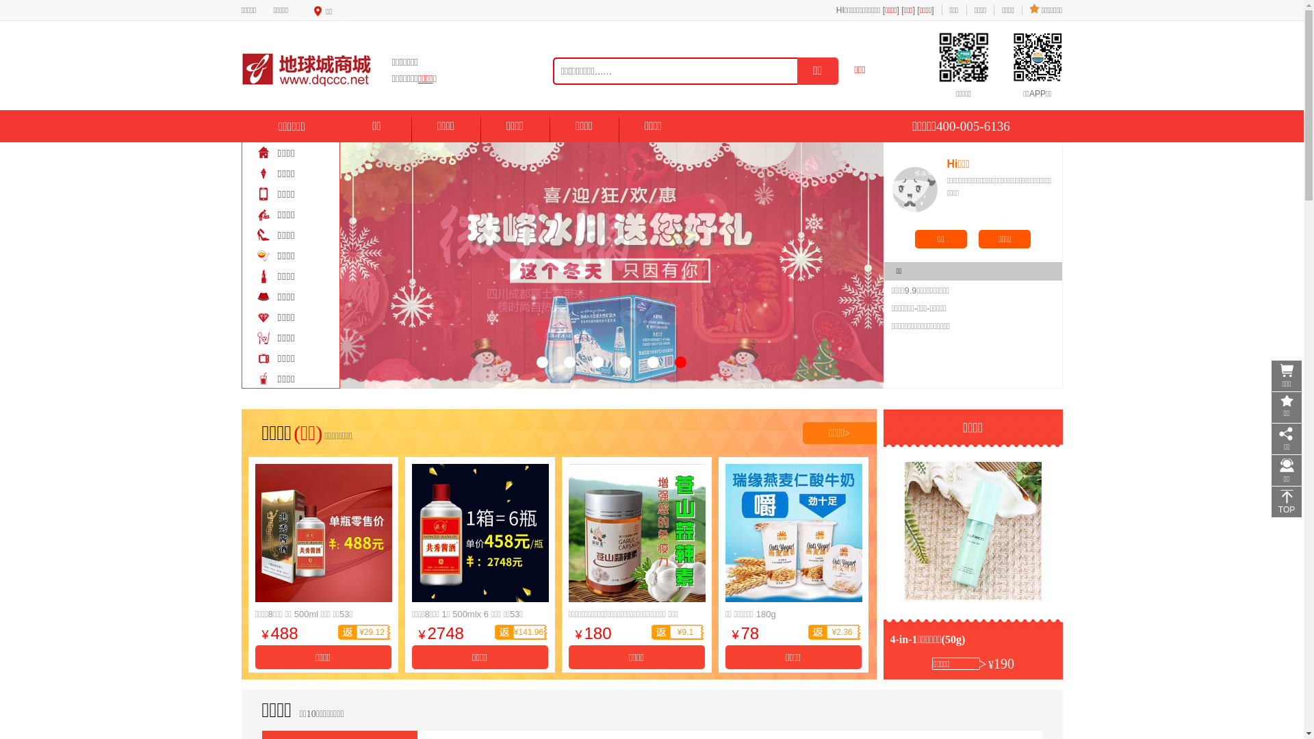  I want to click on 'TOP', so click(1286, 502).